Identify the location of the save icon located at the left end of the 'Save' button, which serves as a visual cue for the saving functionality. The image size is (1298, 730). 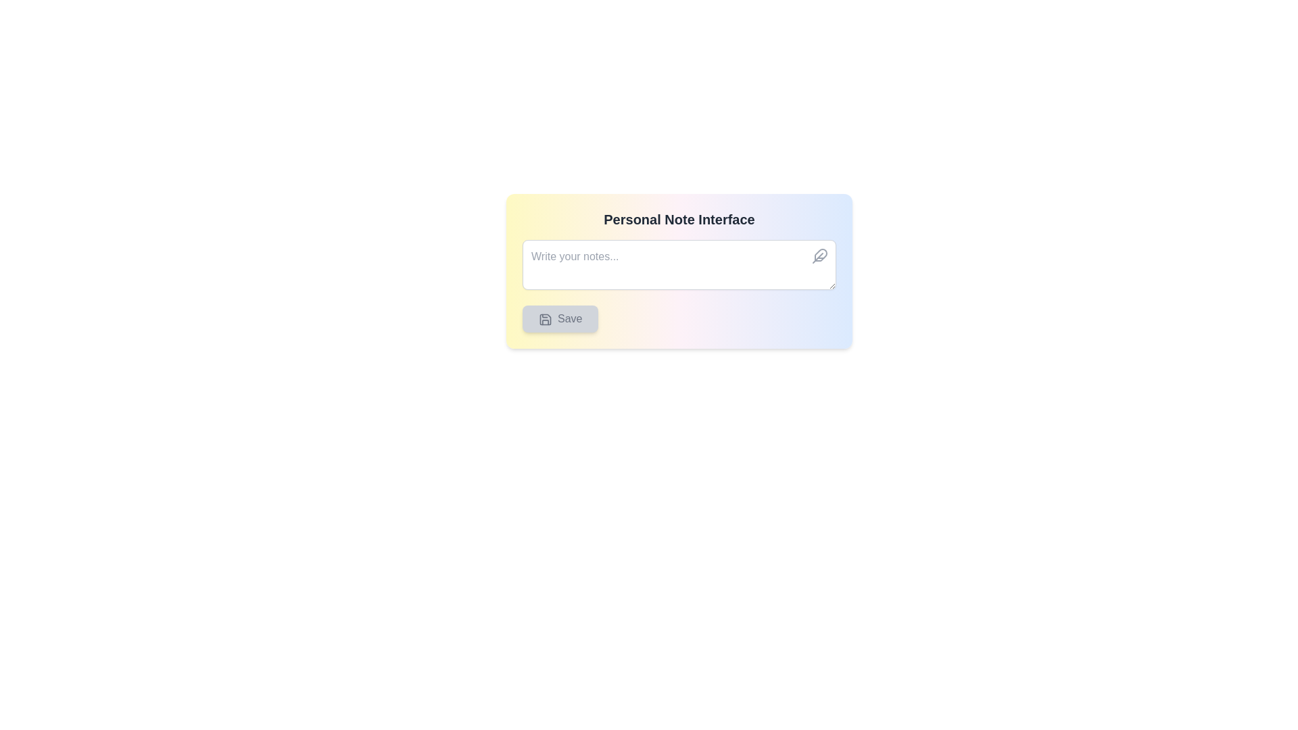
(545, 318).